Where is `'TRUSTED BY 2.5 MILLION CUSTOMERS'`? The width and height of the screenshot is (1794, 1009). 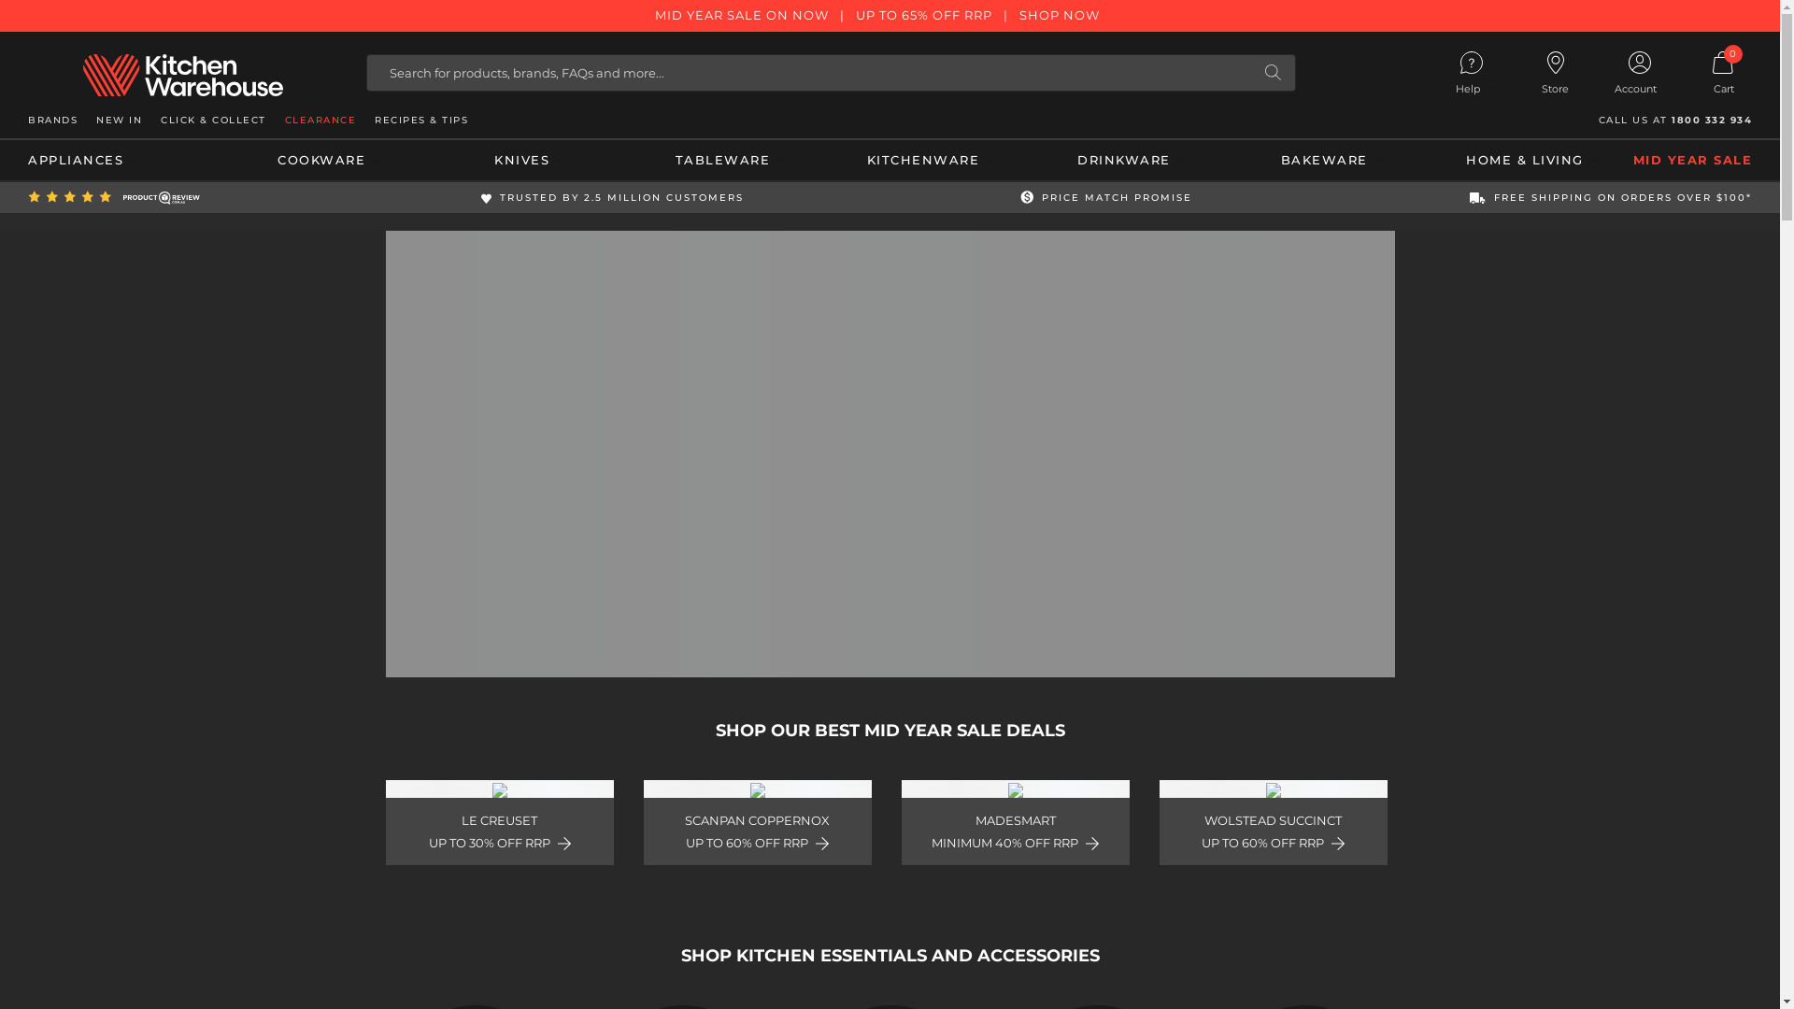 'TRUSTED BY 2.5 MILLION CUSTOMERS' is located at coordinates (612, 197).